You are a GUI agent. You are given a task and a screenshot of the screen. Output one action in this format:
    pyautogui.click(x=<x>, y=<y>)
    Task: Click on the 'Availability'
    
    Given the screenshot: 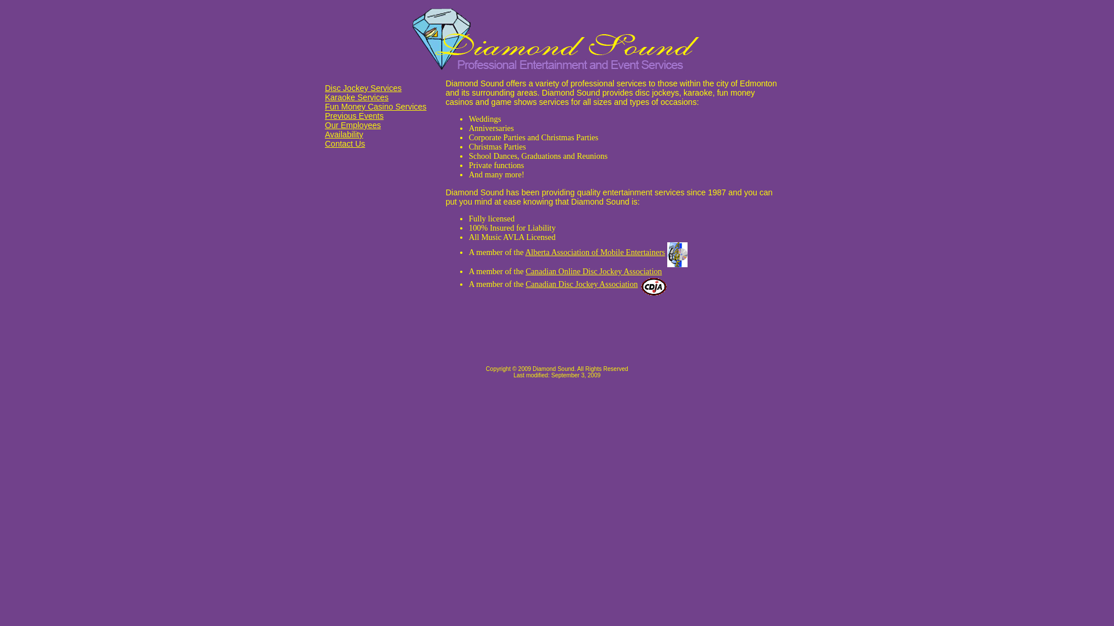 What is the action you would take?
    pyautogui.click(x=343, y=133)
    